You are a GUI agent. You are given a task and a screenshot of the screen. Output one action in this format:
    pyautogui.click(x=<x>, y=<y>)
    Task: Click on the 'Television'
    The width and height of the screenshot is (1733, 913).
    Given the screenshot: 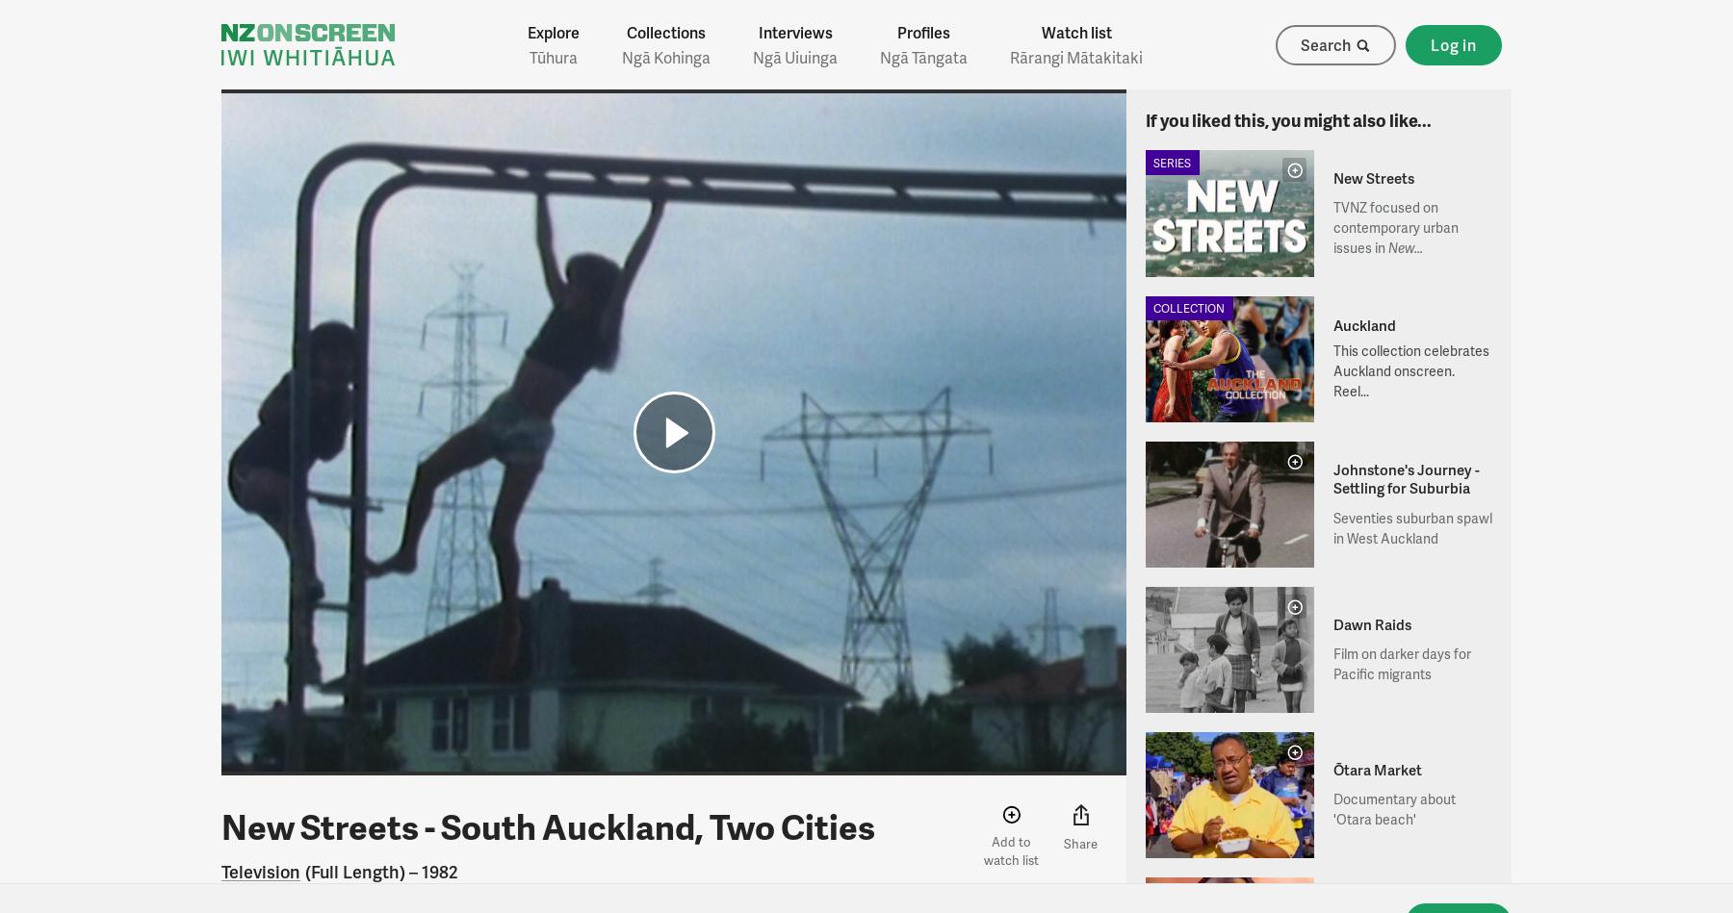 What is the action you would take?
    pyautogui.click(x=260, y=869)
    